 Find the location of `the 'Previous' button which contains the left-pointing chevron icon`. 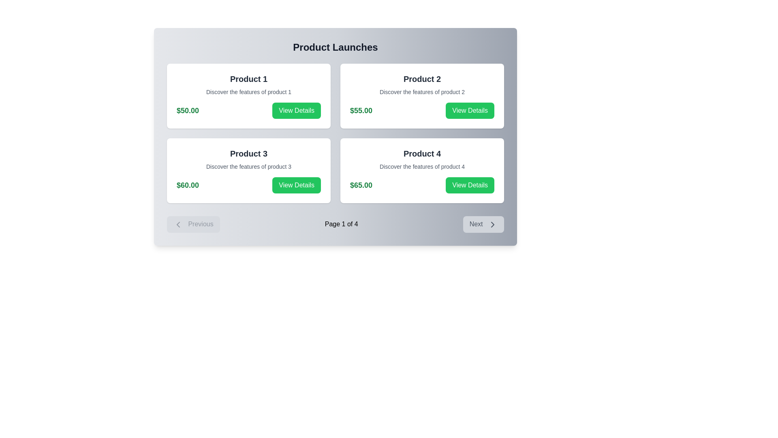

the 'Previous' button which contains the left-pointing chevron icon is located at coordinates (178, 224).